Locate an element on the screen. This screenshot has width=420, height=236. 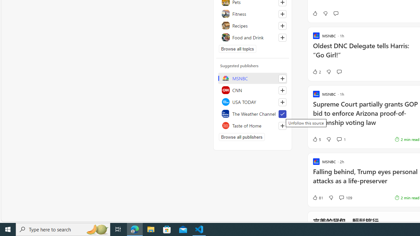
'81 Like' is located at coordinates (318, 197).